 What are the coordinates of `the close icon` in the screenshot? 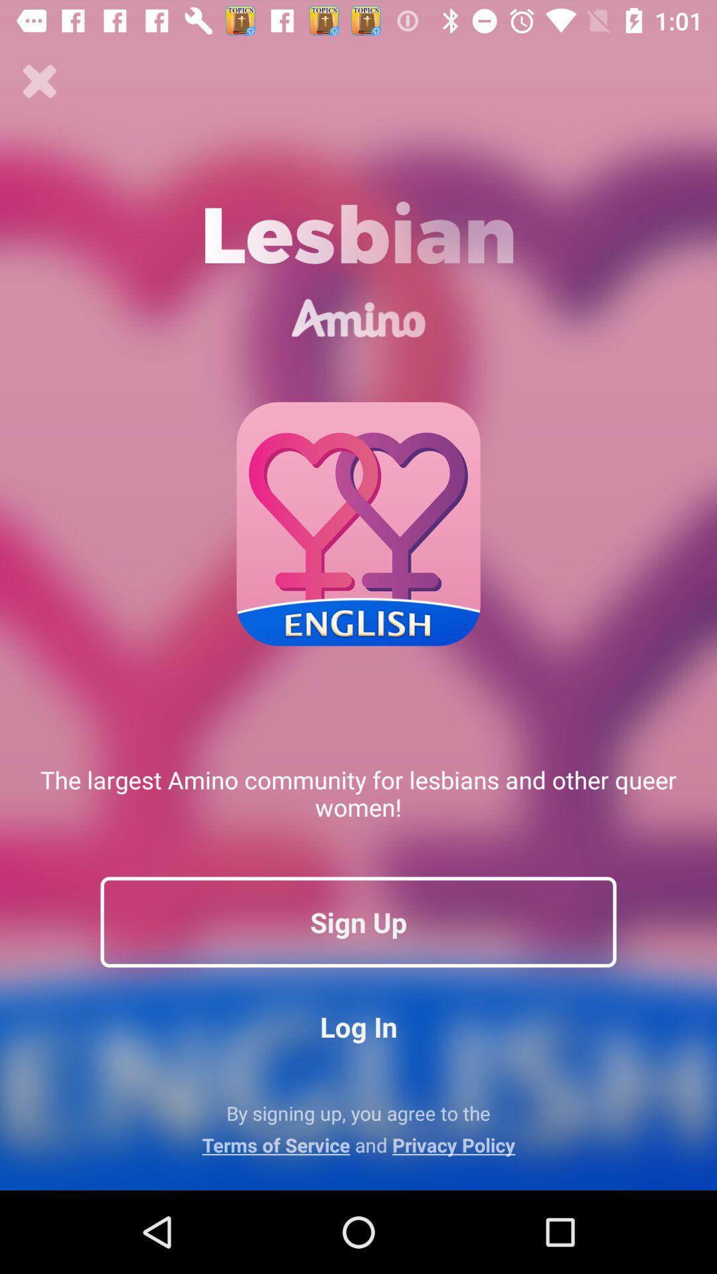 It's located at (39, 81).